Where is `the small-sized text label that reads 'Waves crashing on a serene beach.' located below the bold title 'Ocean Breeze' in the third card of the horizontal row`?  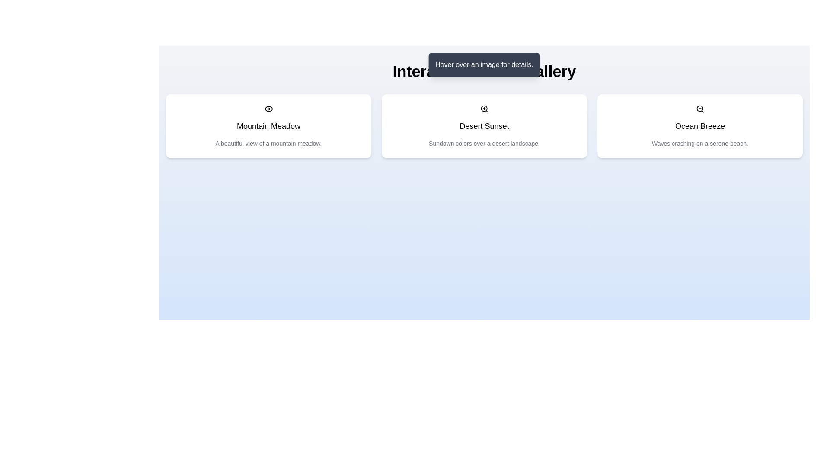
the small-sized text label that reads 'Waves crashing on a serene beach.' located below the bold title 'Ocean Breeze' in the third card of the horizontal row is located at coordinates (700, 143).